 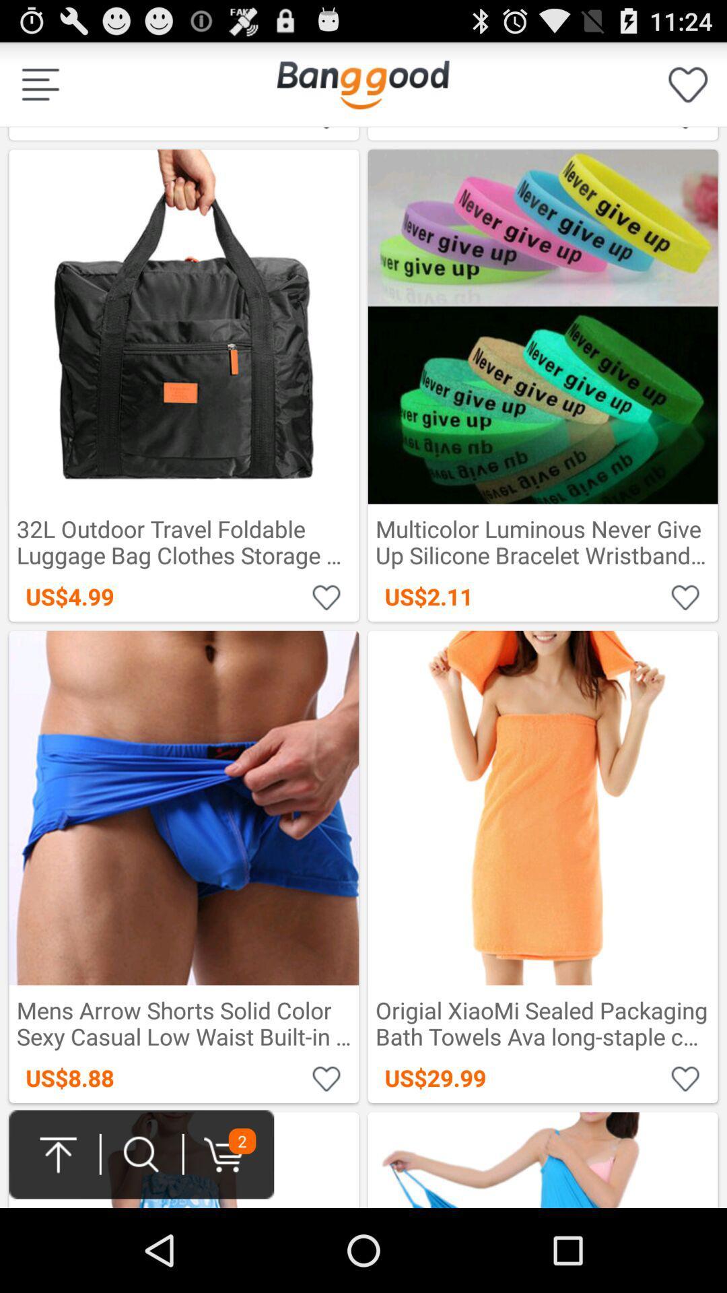 What do you see at coordinates (688, 84) in the screenshot?
I see `your likes on banggood` at bounding box center [688, 84].